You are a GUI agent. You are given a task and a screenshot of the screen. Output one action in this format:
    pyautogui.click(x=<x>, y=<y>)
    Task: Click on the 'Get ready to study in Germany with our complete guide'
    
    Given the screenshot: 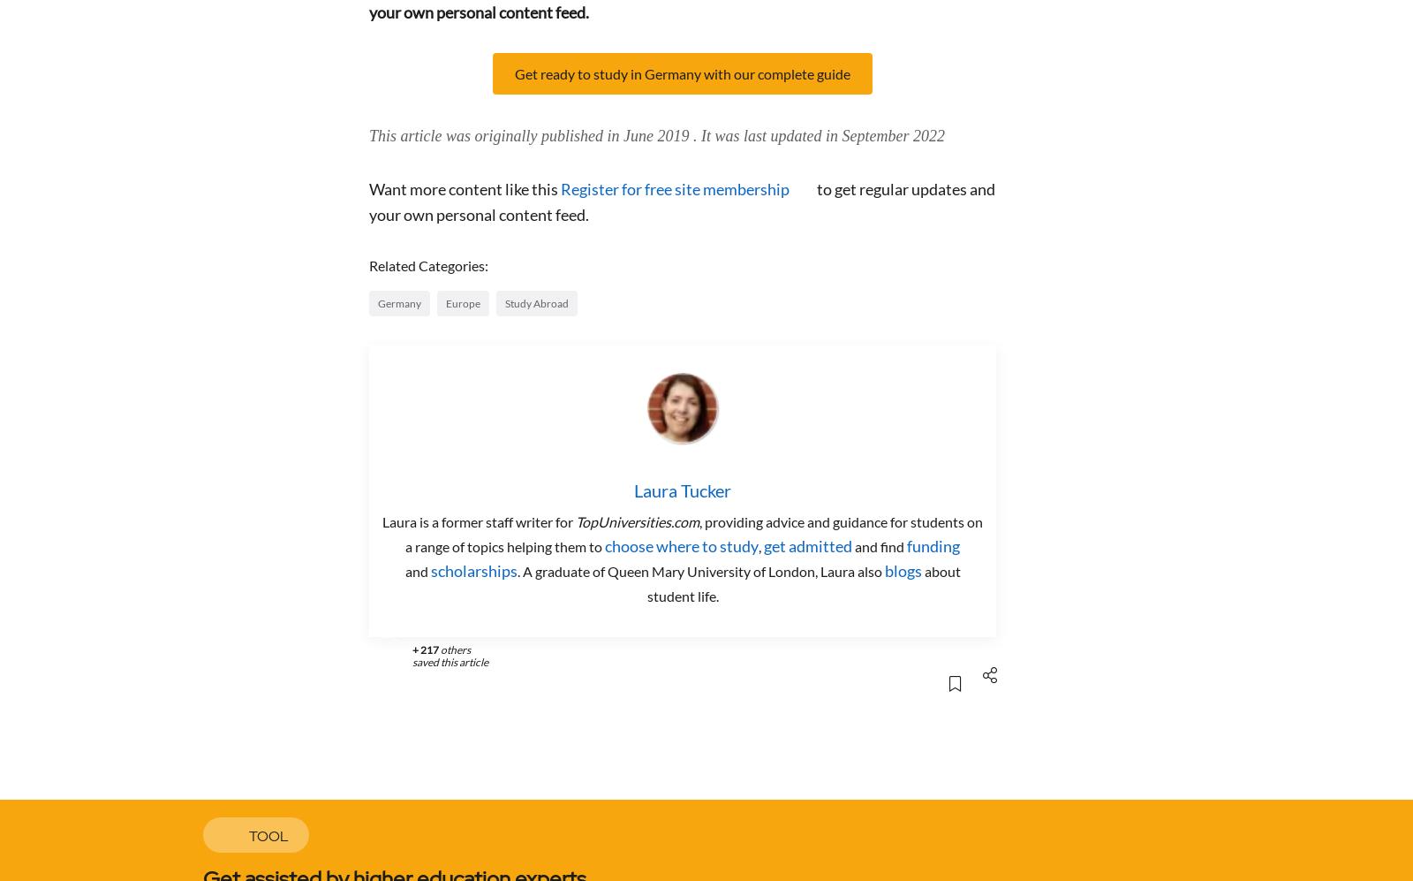 What is the action you would take?
    pyautogui.click(x=682, y=72)
    